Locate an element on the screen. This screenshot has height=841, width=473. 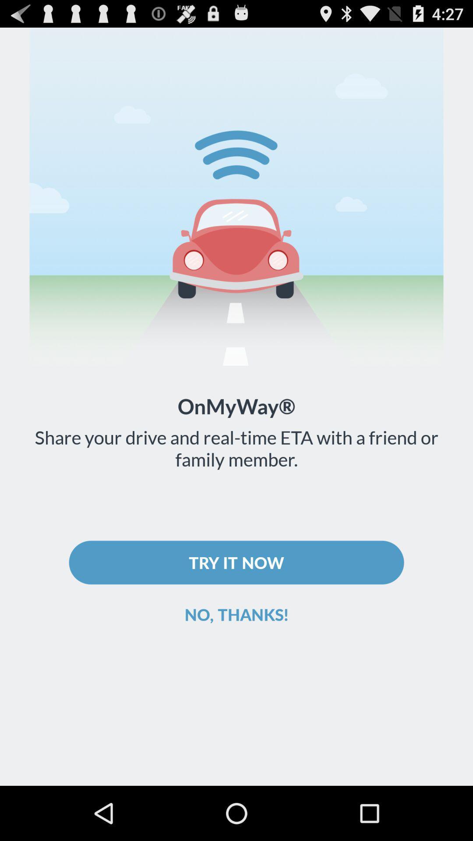
try it now is located at coordinates (236, 562).